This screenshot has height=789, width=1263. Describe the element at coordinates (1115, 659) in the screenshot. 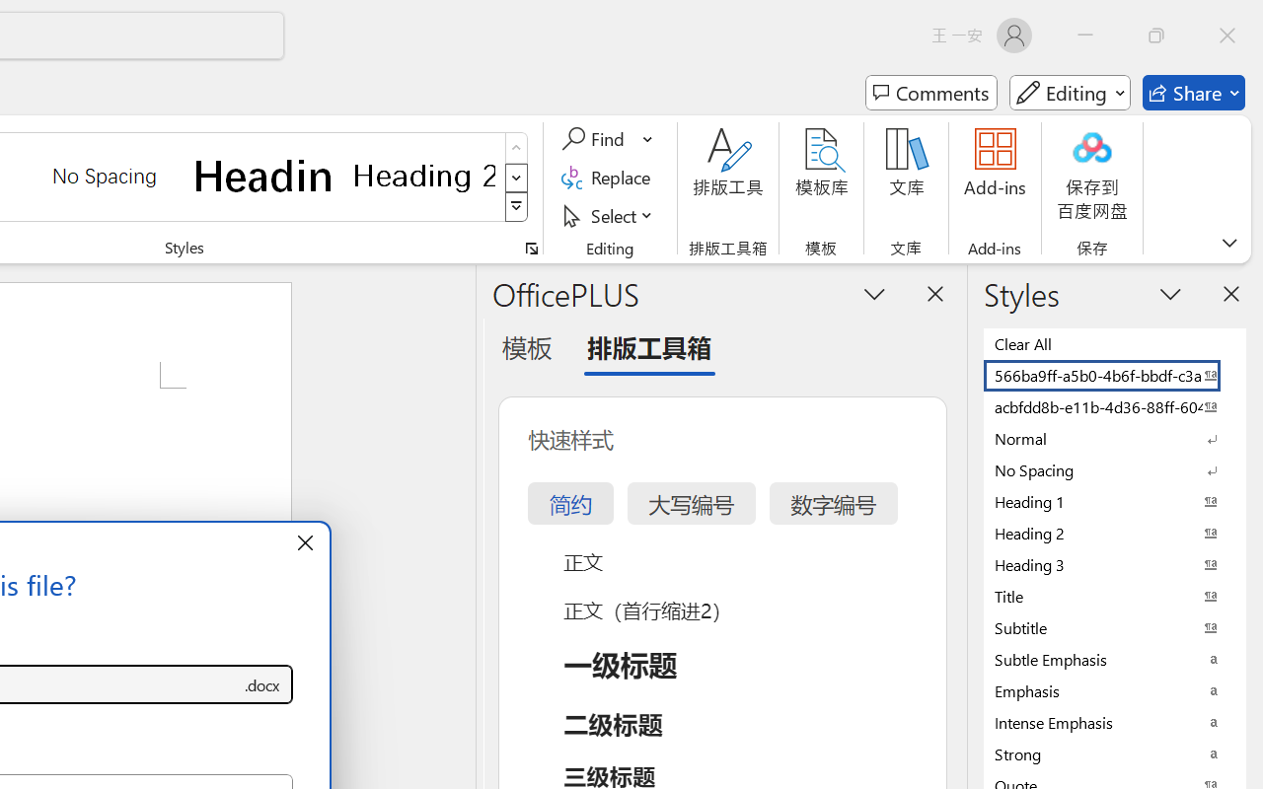

I see `'Subtle Emphasis'` at that location.